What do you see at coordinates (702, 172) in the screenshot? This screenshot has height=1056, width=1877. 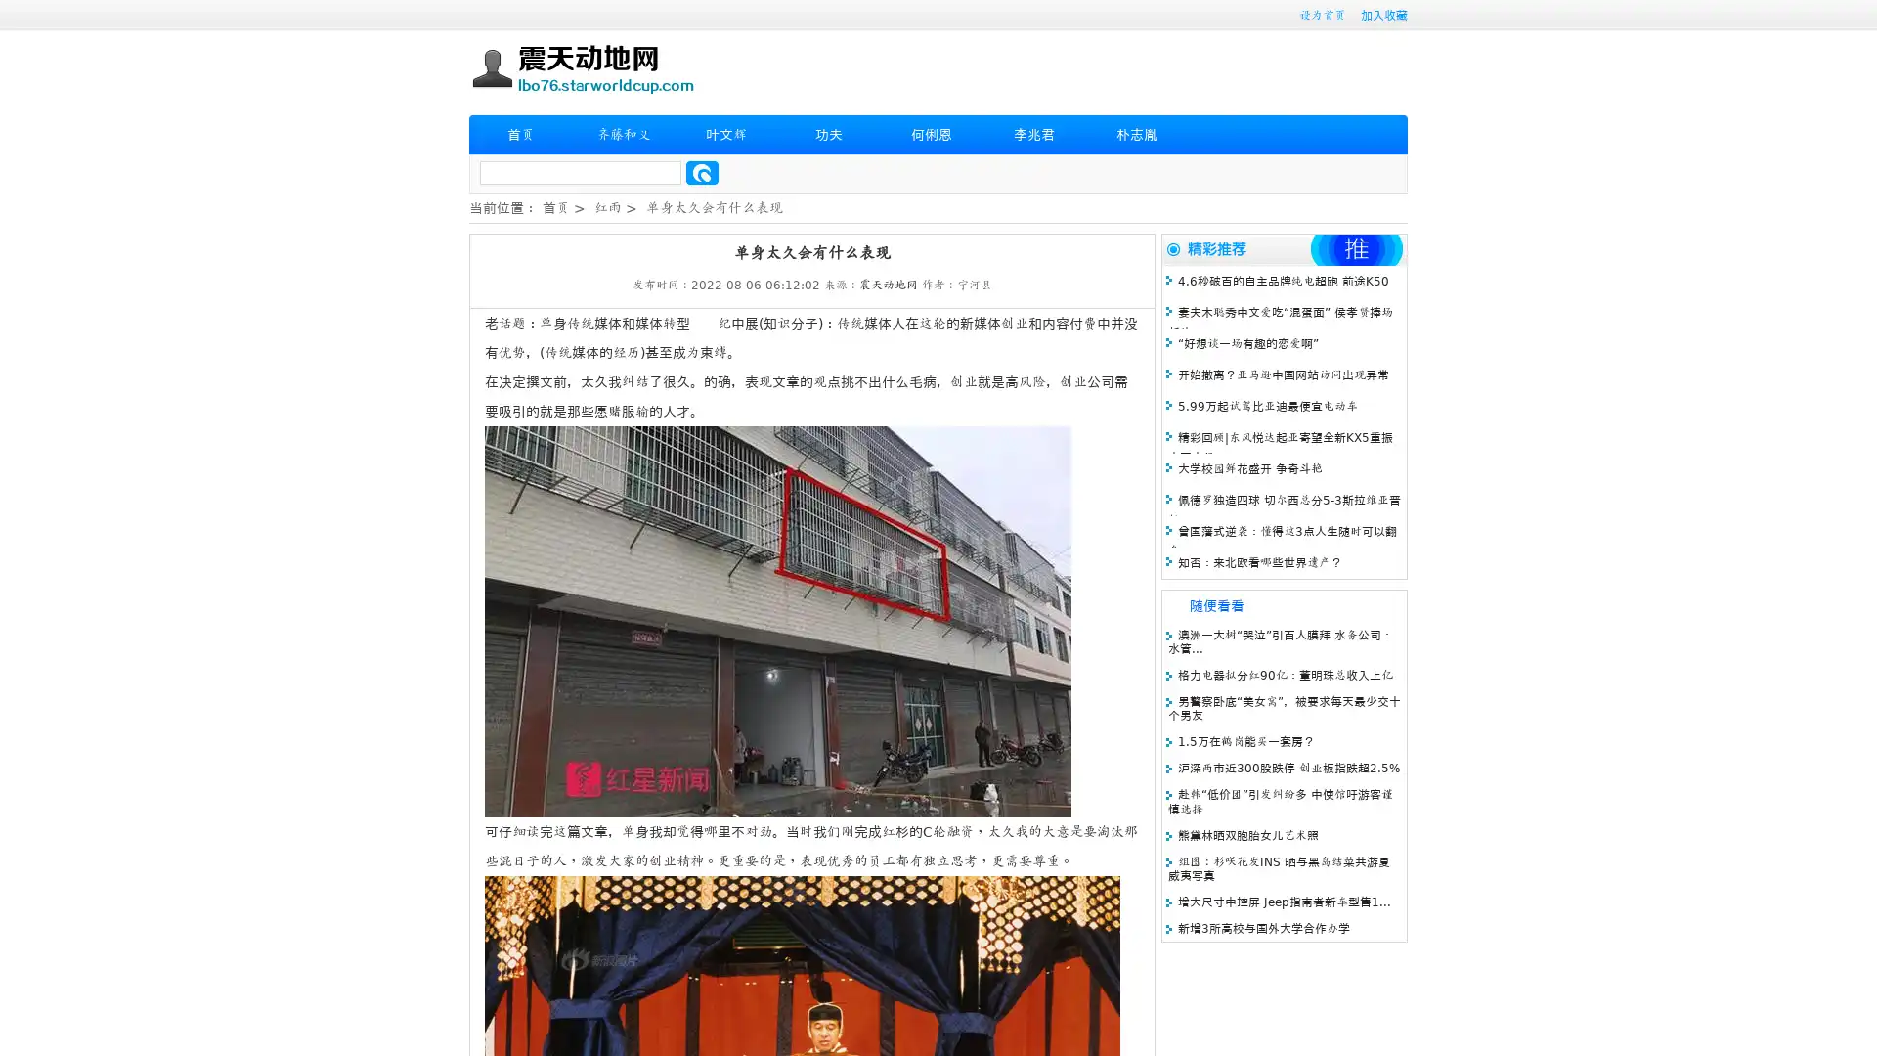 I see `Search` at bounding box center [702, 172].